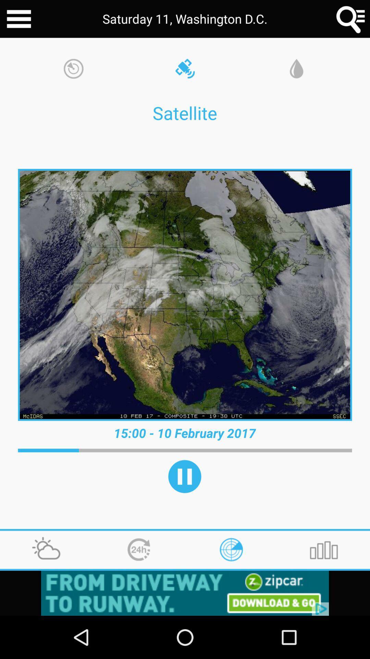  What do you see at coordinates (324, 550) in the screenshot?
I see `the icon which is at bottom right corner` at bounding box center [324, 550].